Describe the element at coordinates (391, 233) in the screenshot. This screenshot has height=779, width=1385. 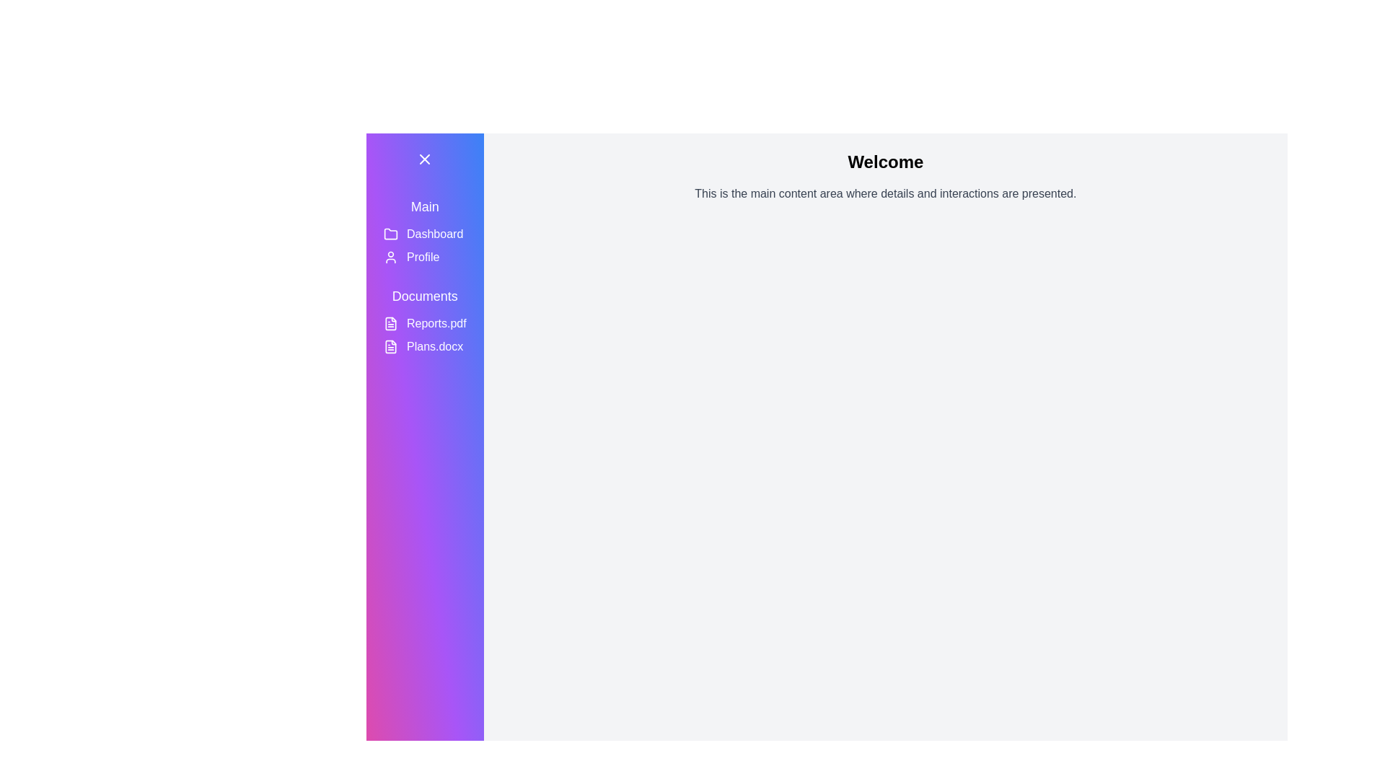
I see `the 'Dashboard' icon located in the sidebar menu` at that location.